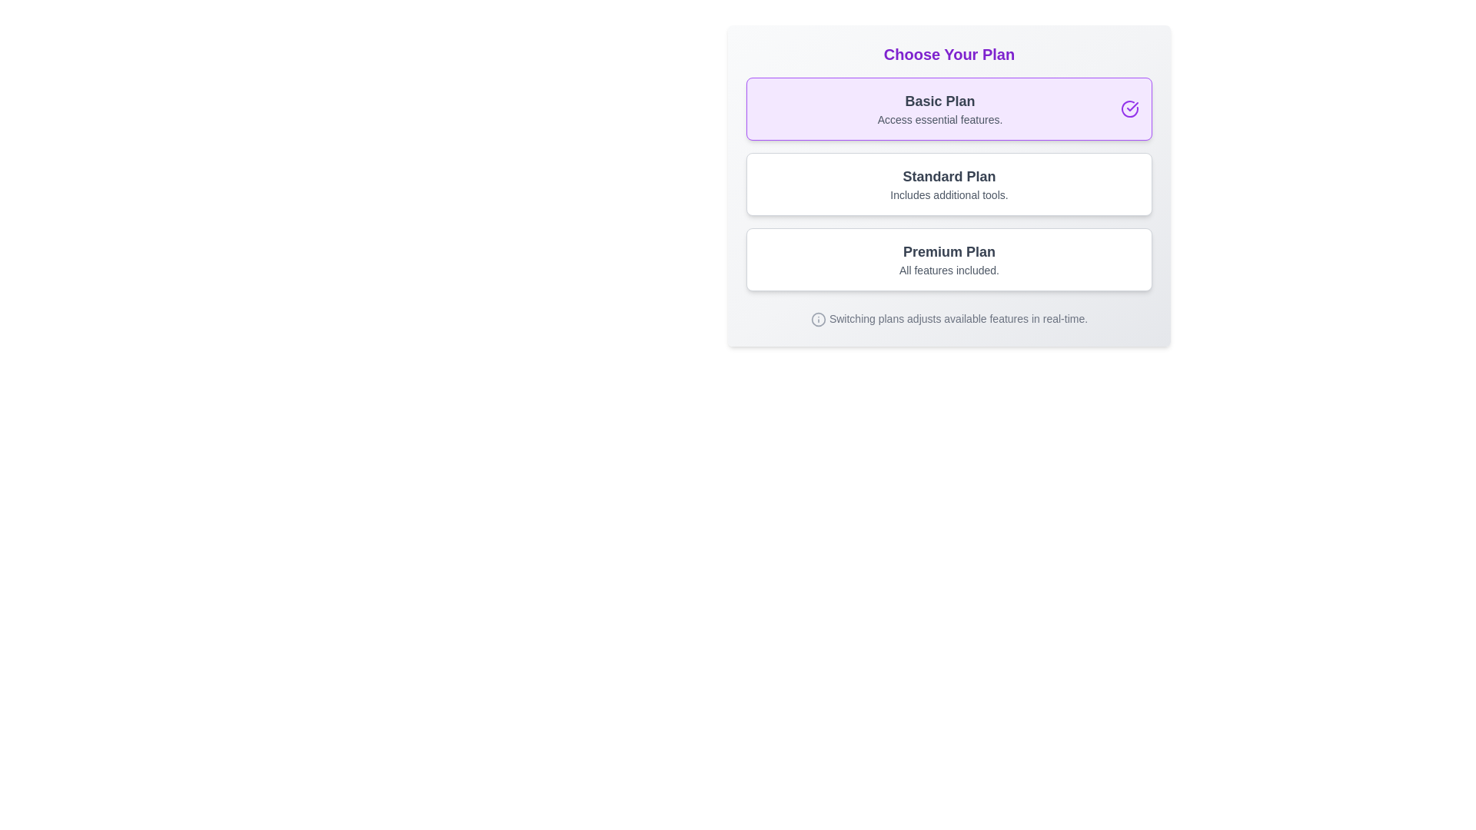 The height and width of the screenshot is (830, 1476). I want to click on the static text providing a brief description of the features associated with the 'Basic Plan', located centrally in the interface beneath the header text 'Basic Plan', so click(939, 118).